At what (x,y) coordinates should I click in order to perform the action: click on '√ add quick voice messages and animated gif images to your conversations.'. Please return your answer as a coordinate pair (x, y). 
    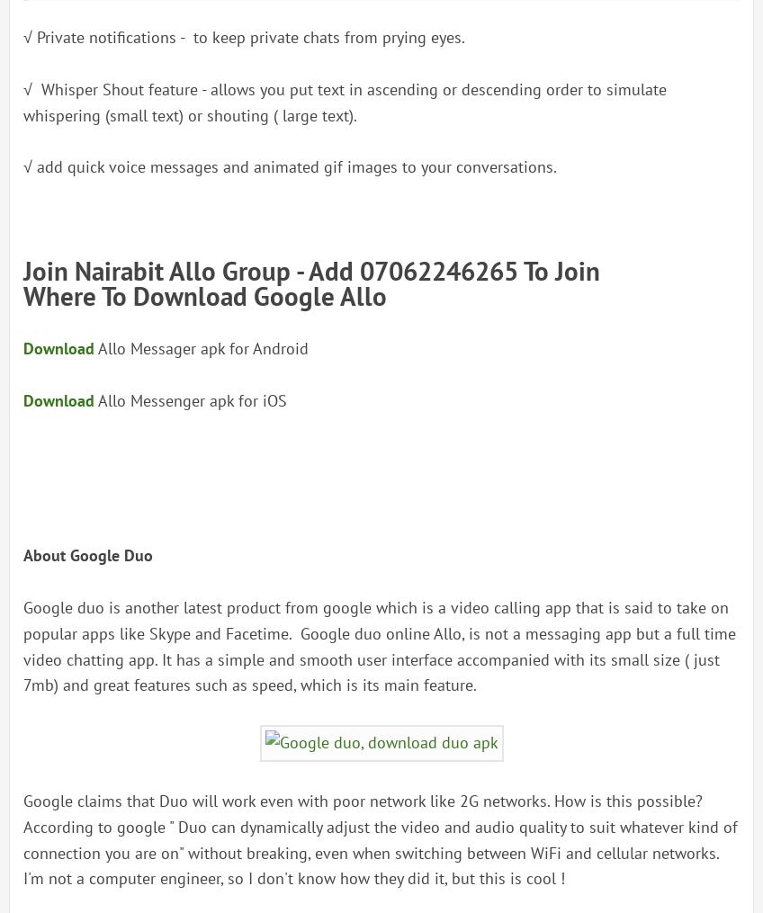
    Looking at the image, I should click on (22, 166).